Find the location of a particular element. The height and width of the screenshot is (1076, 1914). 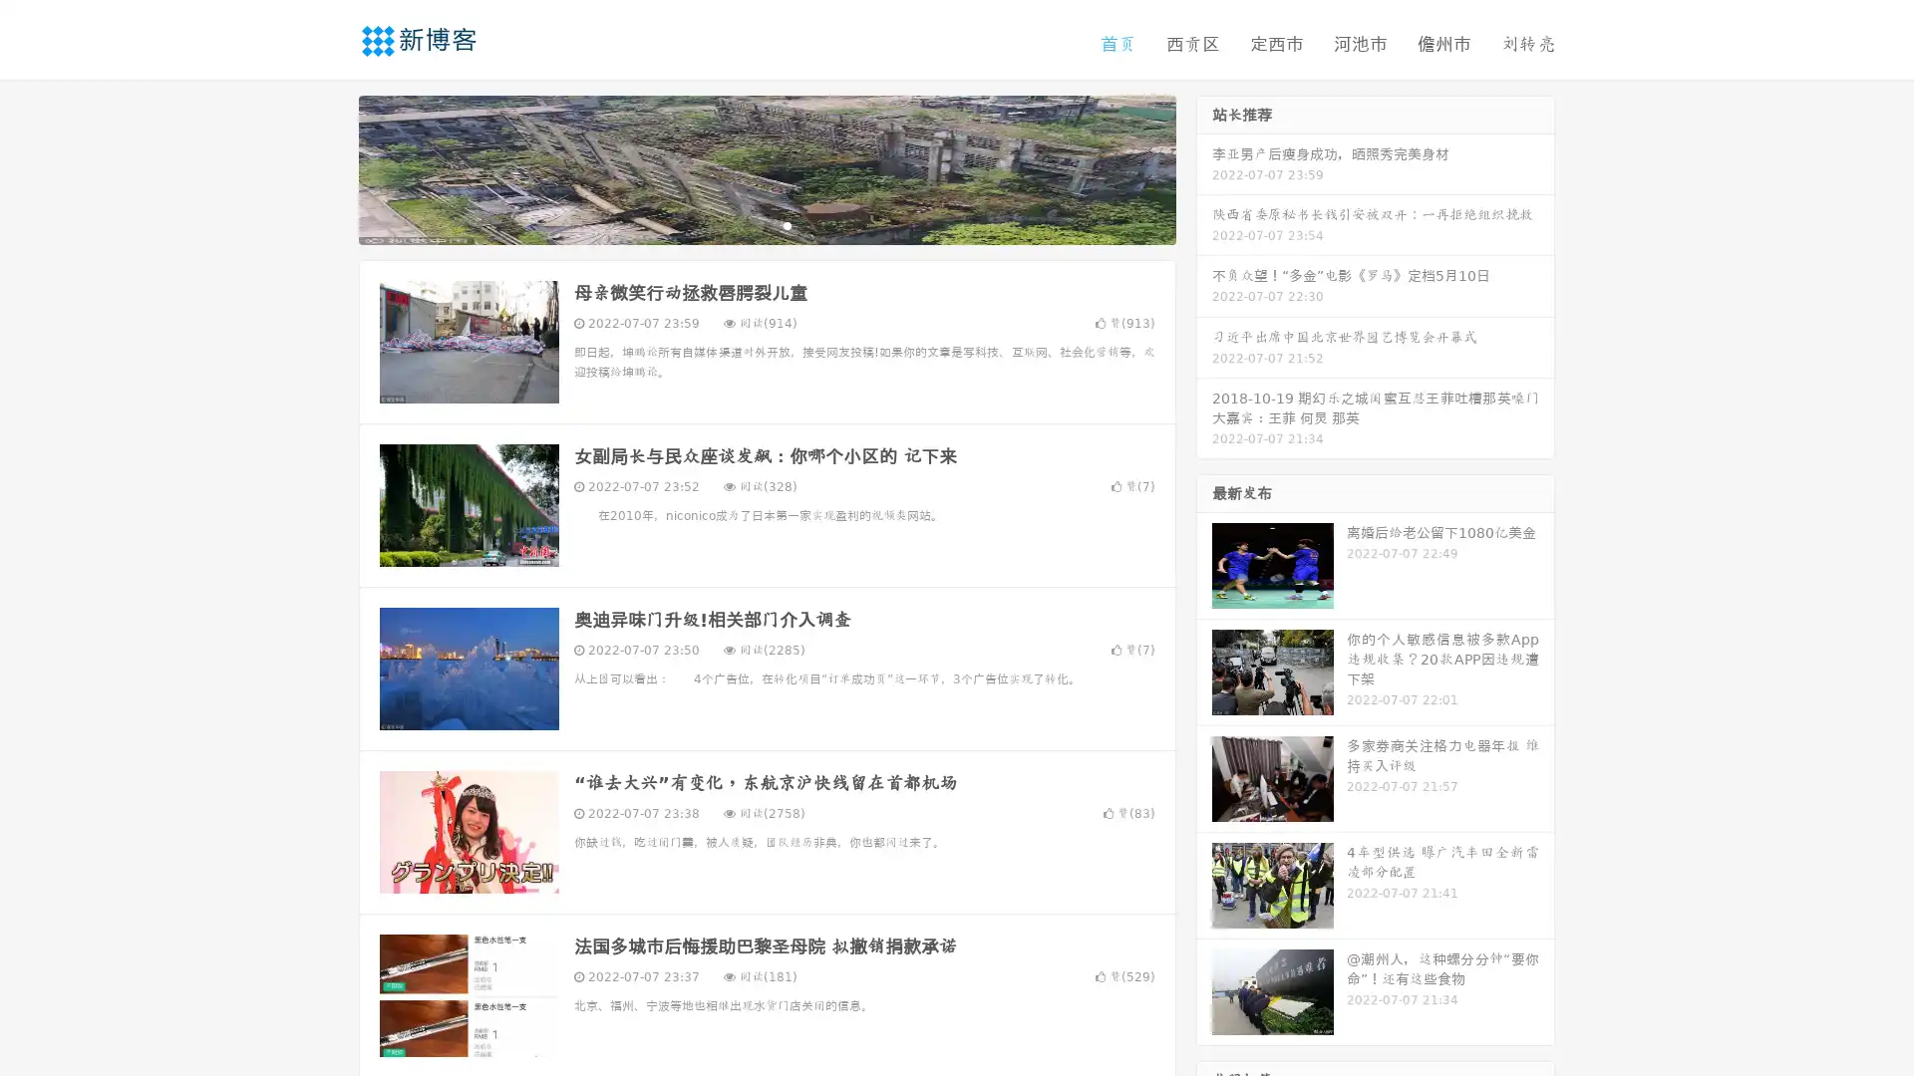

Go to slide 1 is located at coordinates (746, 224).